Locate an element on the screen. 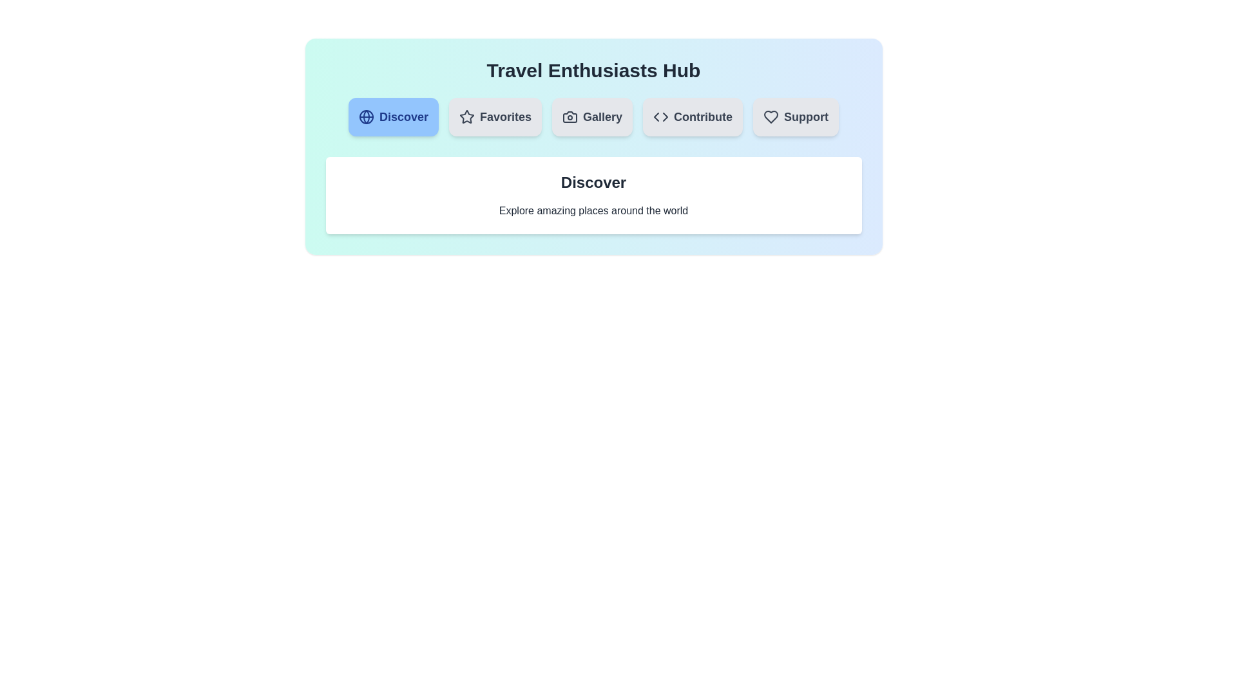  the decorative SVG icon within the 'Support' button is located at coordinates (771, 116).